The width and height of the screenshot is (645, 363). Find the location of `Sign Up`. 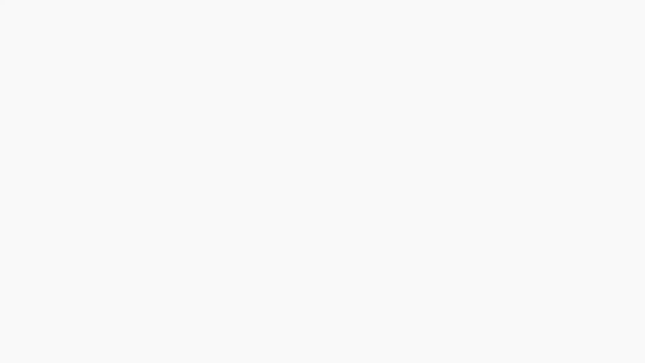

Sign Up is located at coordinates (595, 10).